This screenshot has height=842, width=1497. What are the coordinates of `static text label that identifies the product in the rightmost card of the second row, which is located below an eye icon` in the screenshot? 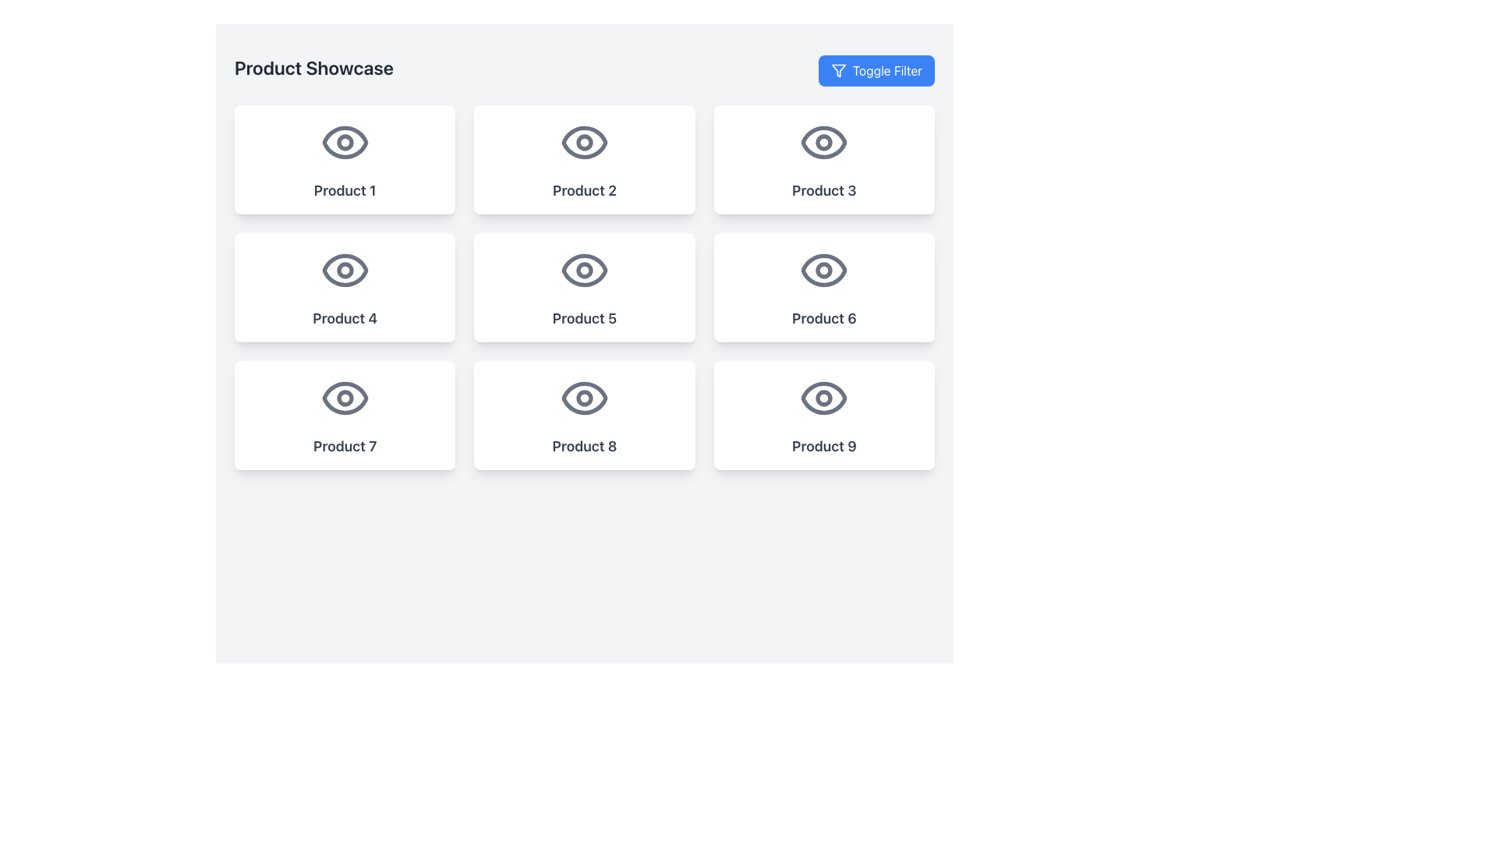 It's located at (823, 317).